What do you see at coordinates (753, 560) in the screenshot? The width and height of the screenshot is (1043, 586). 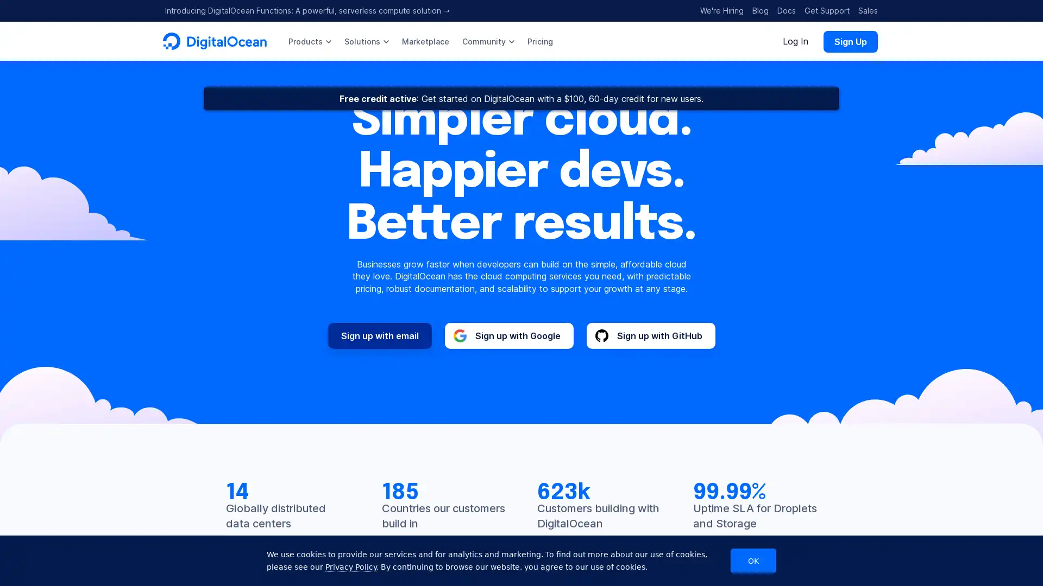 I see `OK` at bounding box center [753, 560].